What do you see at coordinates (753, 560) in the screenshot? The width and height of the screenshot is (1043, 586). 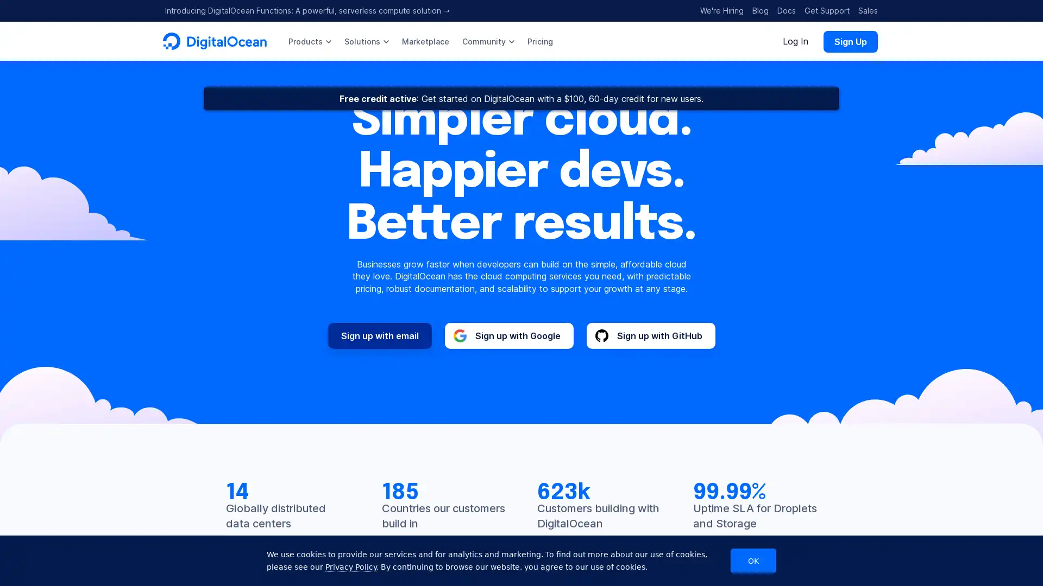 I see `OK` at bounding box center [753, 560].